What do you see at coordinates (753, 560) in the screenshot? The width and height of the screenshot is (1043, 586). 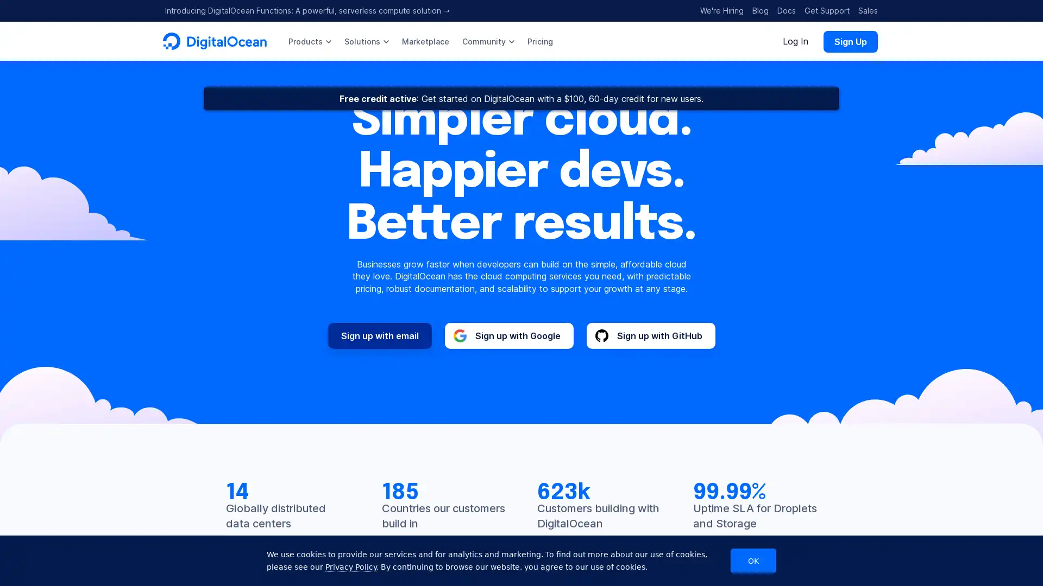 I see `OK` at bounding box center [753, 560].